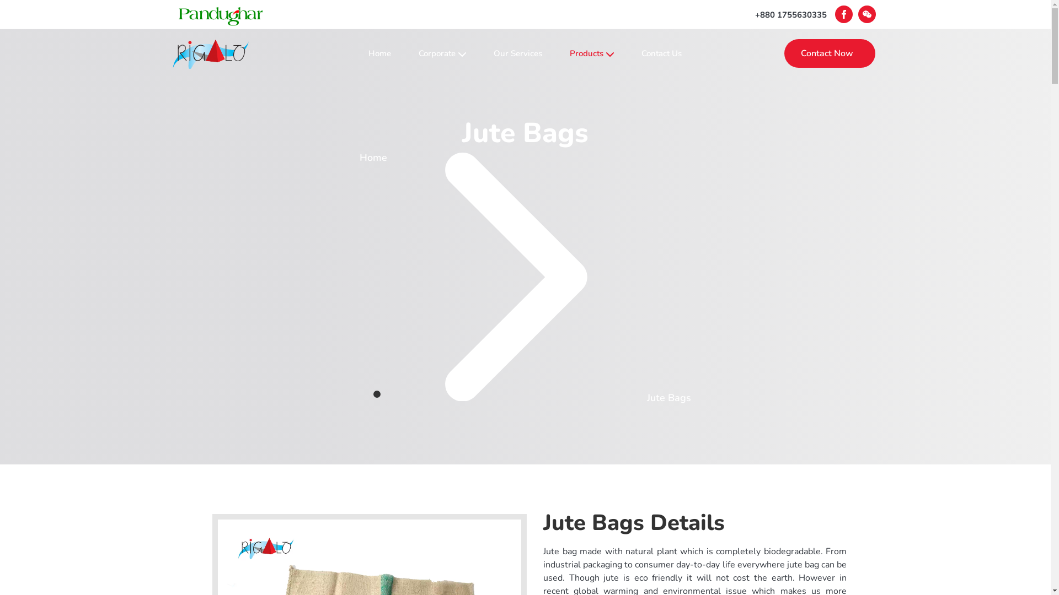 The height and width of the screenshot is (595, 1059). What do you see at coordinates (591, 53) in the screenshot?
I see `'Products'` at bounding box center [591, 53].